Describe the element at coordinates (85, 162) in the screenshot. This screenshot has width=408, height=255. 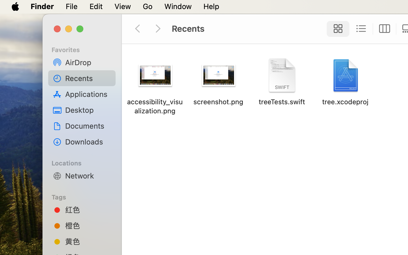
I see `'Locations'` at that location.